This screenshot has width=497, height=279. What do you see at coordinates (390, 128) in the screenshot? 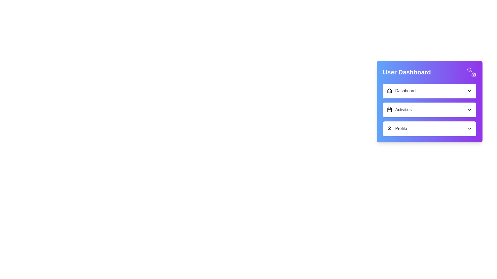
I see `the user avatar icon located in the 'User Dashboard' section` at bounding box center [390, 128].